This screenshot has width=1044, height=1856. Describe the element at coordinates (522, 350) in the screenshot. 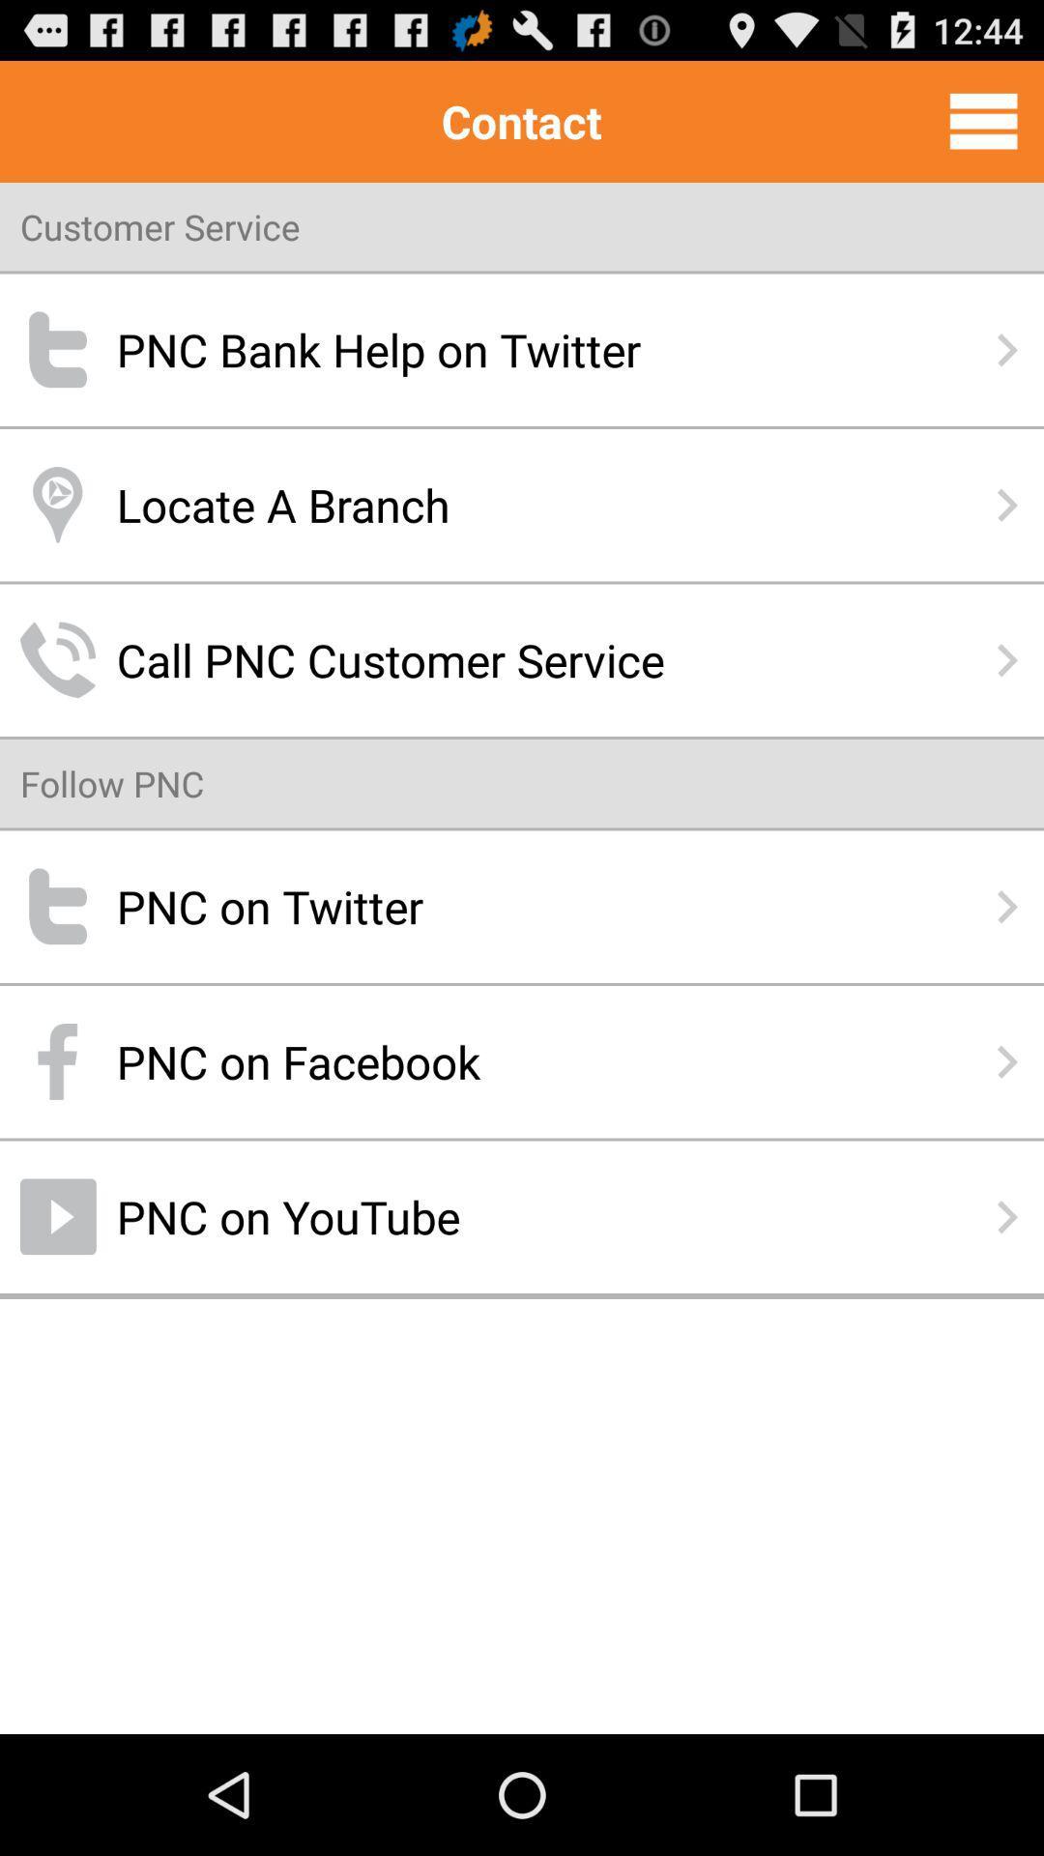

I see `item above the locate a branch` at that location.